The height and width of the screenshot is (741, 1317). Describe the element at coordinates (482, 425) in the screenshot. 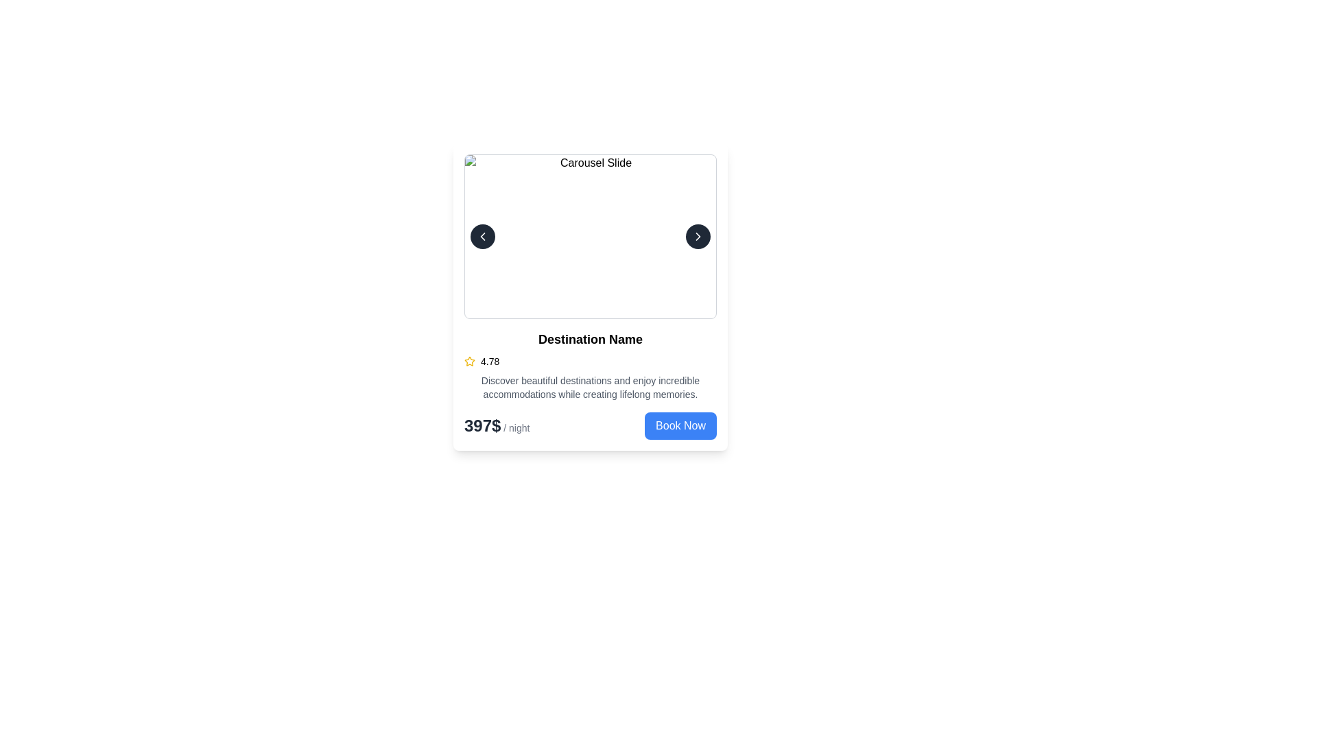

I see `the price text element displaying '397$ / night' located at the bottom-left corner of the card interface` at that location.